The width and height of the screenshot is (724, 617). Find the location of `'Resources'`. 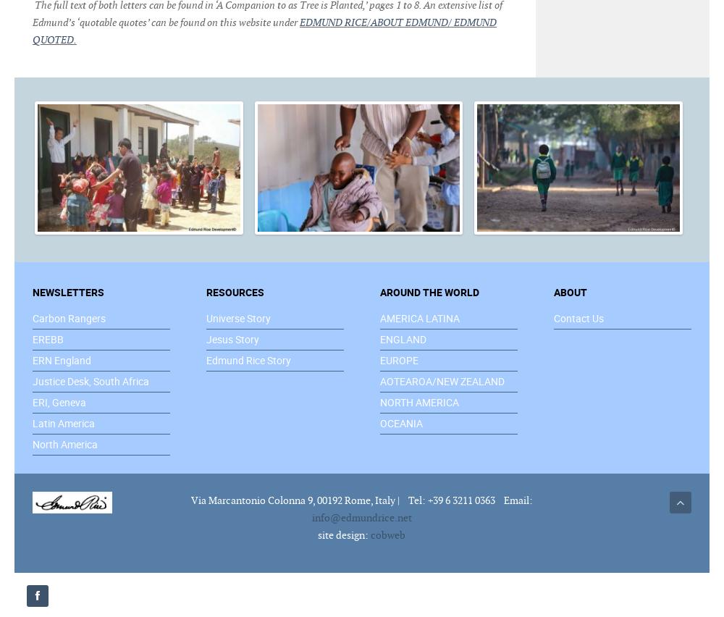

'Resources' is located at coordinates (235, 291).